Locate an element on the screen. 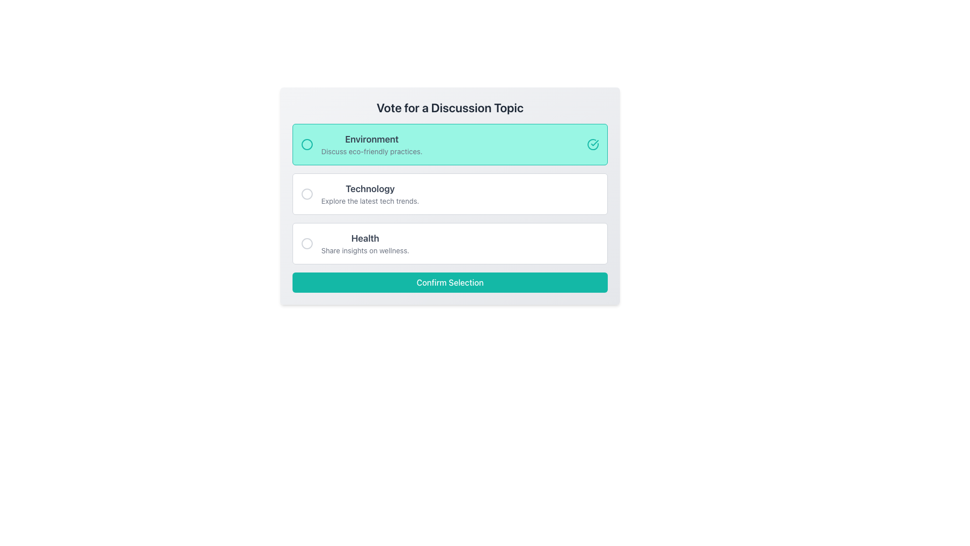 Image resolution: width=970 pixels, height=546 pixels. text within the first selectable list item titled 'Environment' which discusses eco-friendly practices is located at coordinates (371, 144).